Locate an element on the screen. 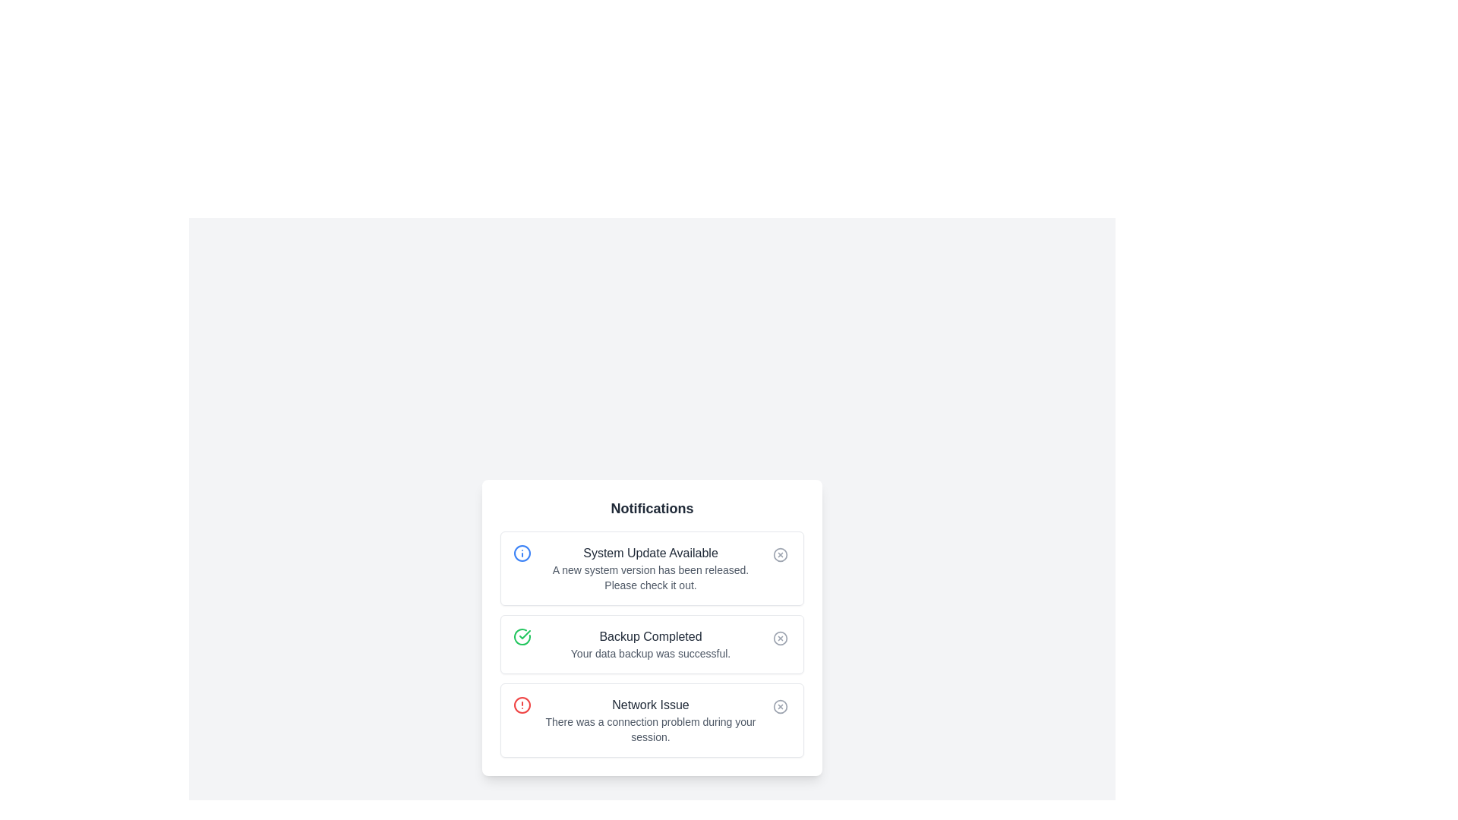  the SVG-based icon located to the left of the text content in the 'System Update Available' notification is located at coordinates (522, 553).